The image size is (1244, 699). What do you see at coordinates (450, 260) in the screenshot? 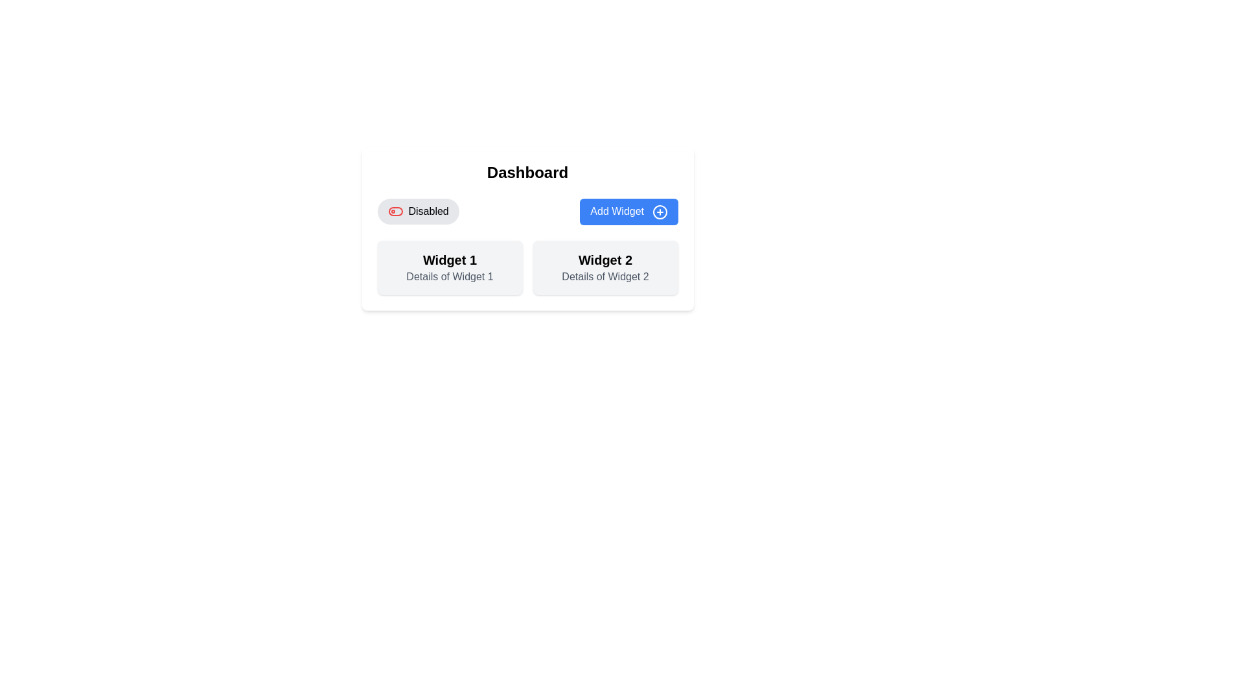
I see `the text label 'Widget 1' that is styled in bold font and positioned above the descriptive text 'Details of Widget 1'` at bounding box center [450, 260].